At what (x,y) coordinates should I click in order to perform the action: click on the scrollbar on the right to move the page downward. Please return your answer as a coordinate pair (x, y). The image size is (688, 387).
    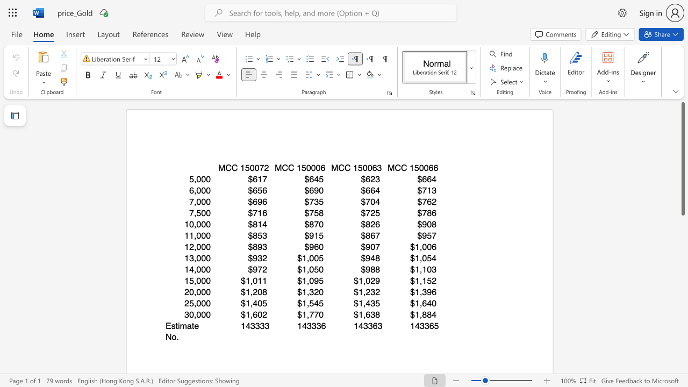
    Looking at the image, I should click on (682, 263).